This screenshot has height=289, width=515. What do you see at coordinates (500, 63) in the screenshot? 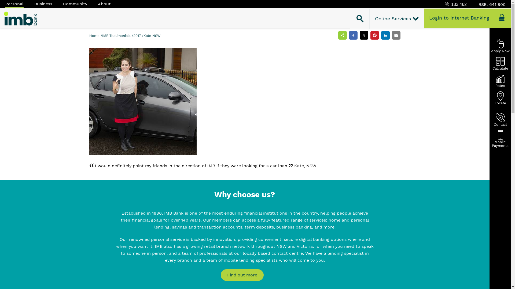
I see `'Calculate'` at bounding box center [500, 63].